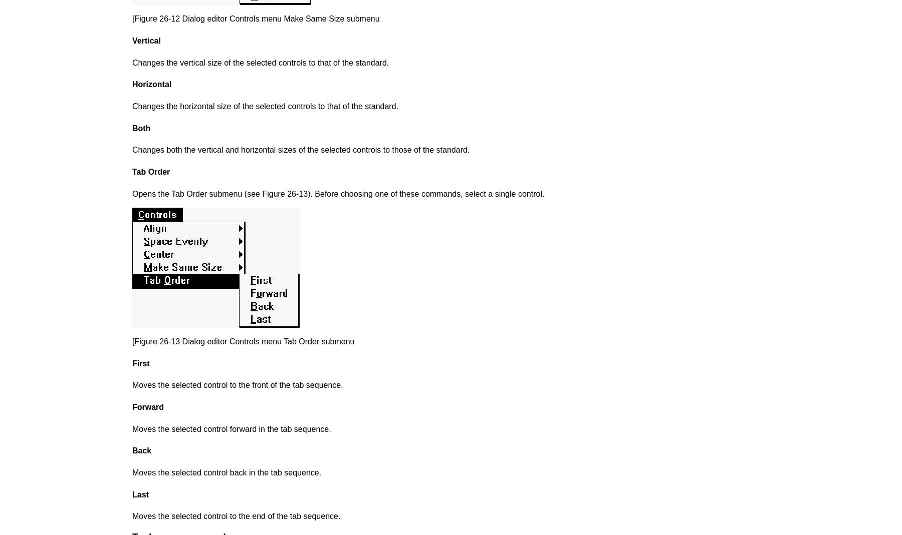 The image size is (902, 535). Describe the element at coordinates (243, 341) in the screenshot. I see `'[Figure 26-13 Dialog editor Controls menu Tab Order submenu'` at that location.